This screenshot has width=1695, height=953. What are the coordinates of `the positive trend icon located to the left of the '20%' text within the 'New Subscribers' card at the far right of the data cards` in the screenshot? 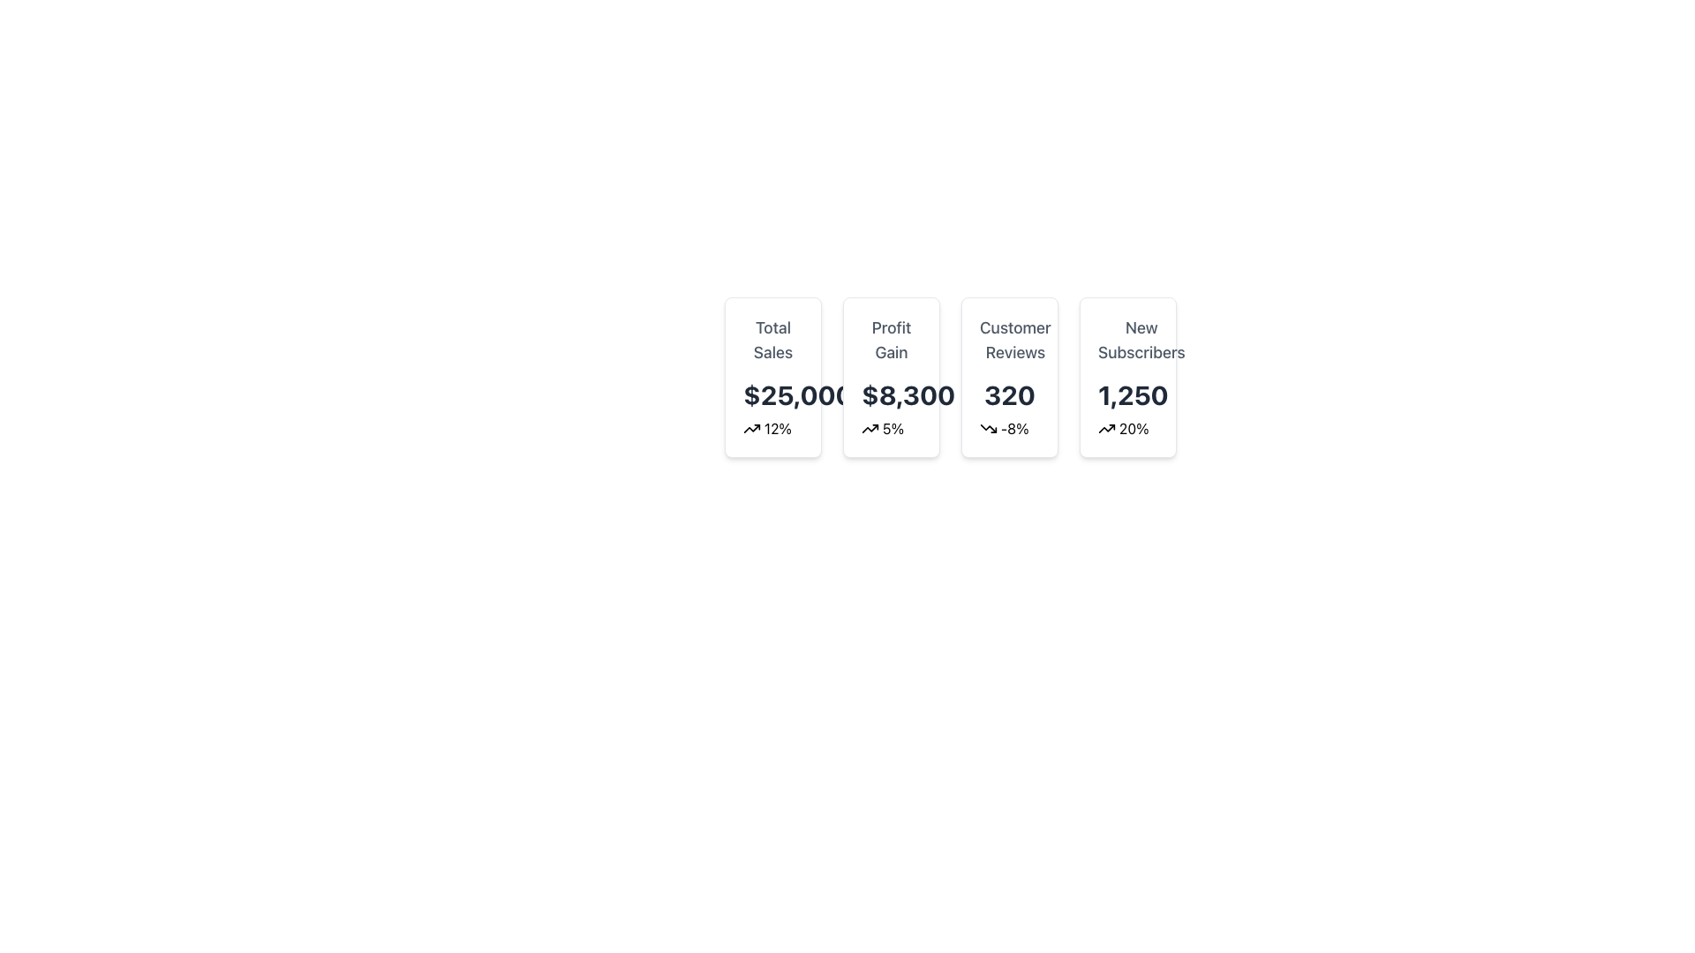 It's located at (1105, 429).